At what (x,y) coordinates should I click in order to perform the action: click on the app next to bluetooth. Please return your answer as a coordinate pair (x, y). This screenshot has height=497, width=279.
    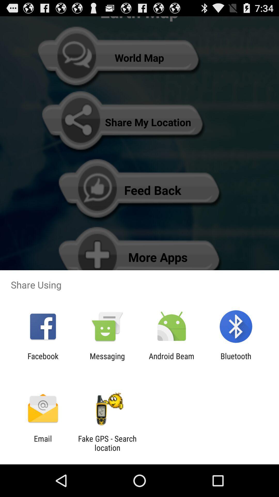
    Looking at the image, I should click on (172, 360).